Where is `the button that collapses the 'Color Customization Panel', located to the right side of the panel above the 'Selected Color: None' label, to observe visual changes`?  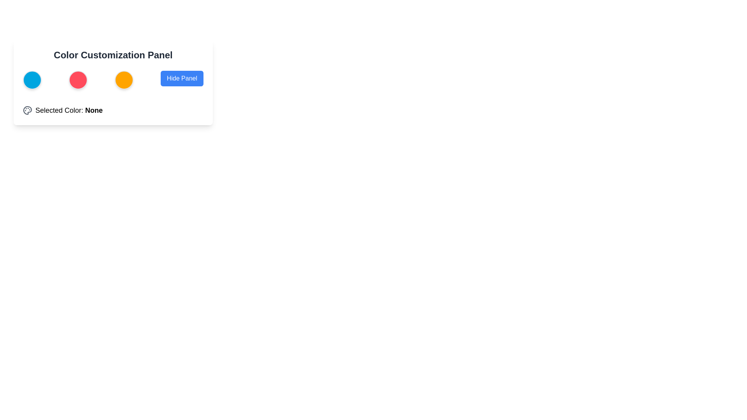 the button that collapses the 'Color Customization Panel', located to the right side of the panel above the 'Selected Color: None' label, to observe visual changes is located at coordinates (181, 78).